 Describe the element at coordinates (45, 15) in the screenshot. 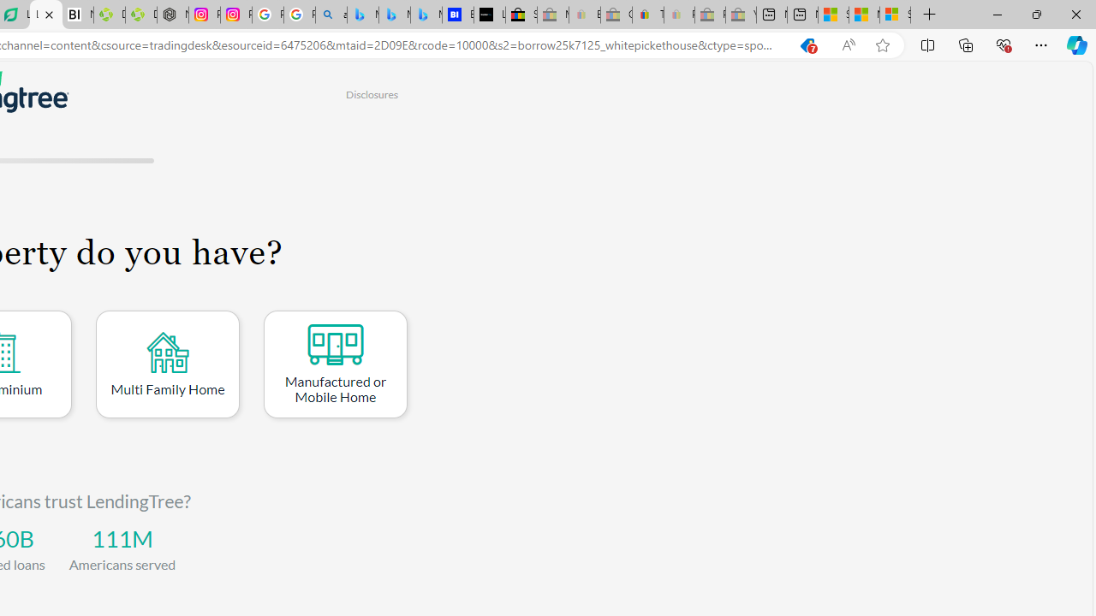

I see `'LendingTree - Compare Lenders'` at that location.